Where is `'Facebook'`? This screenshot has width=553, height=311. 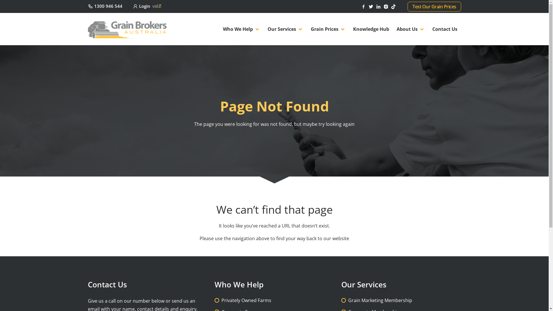
'Facebook' is located at coordinates (360, 6).